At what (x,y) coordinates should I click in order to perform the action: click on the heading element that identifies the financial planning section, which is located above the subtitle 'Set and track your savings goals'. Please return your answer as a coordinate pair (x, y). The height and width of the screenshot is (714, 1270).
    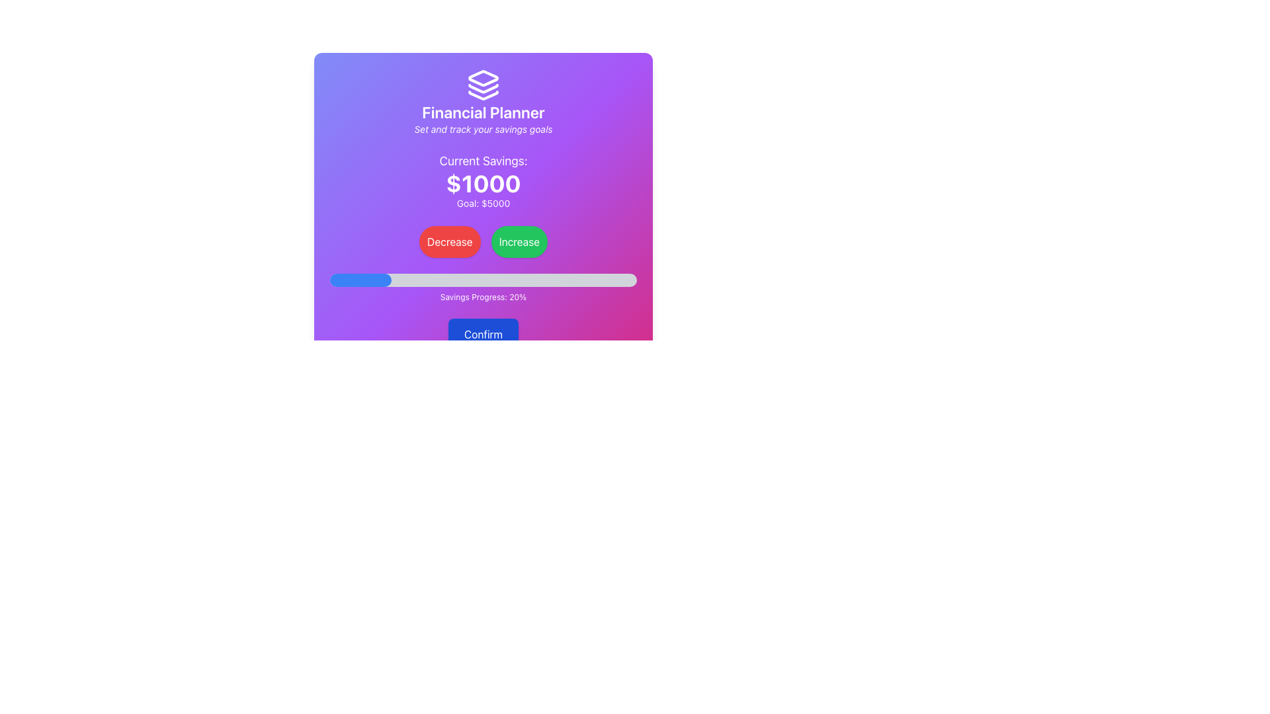
    Looking at the image, I should click on (482, 111).